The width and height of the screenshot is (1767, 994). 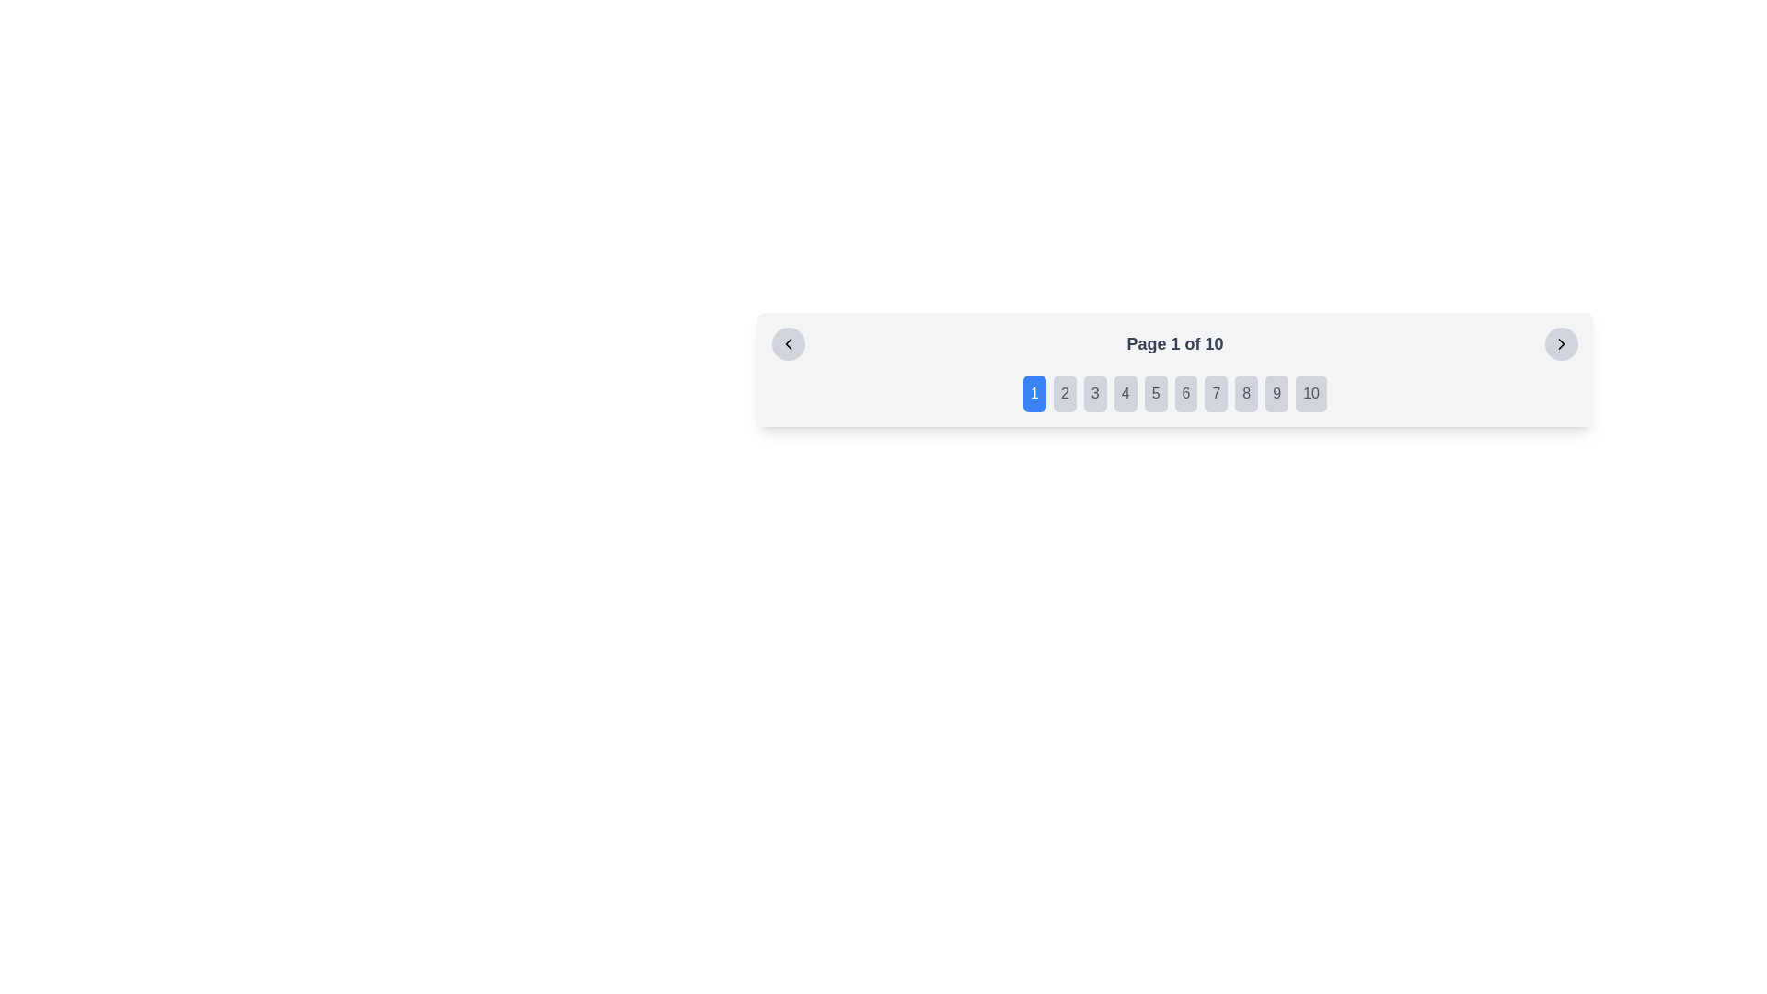 What do you see at coordinates (789, 344) in the screenshot?
I see `the first button from the left in the pagination navigation bar to move to the previous page` at bounding box center [789, 344].